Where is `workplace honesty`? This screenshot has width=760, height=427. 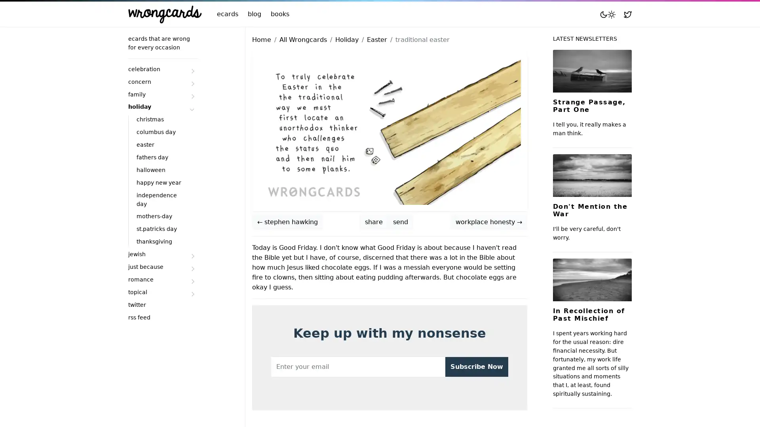 workplace honesty is located at coordinates (488, 222).